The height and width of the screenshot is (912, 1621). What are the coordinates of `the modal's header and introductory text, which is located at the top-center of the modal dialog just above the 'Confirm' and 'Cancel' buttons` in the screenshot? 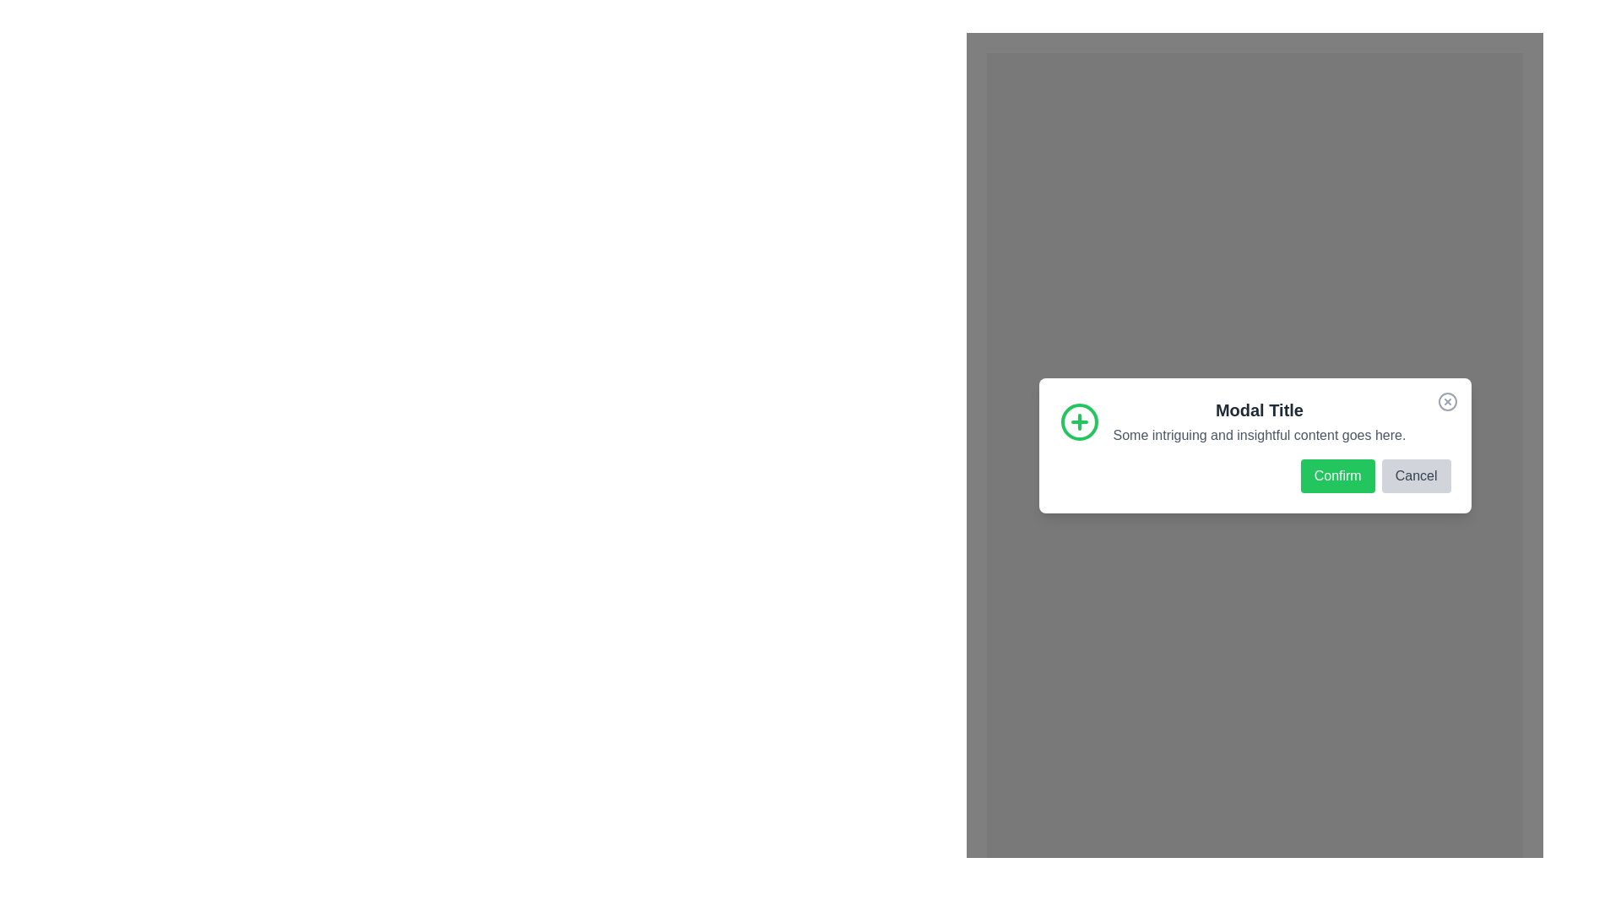 It's located at (1255, 421).